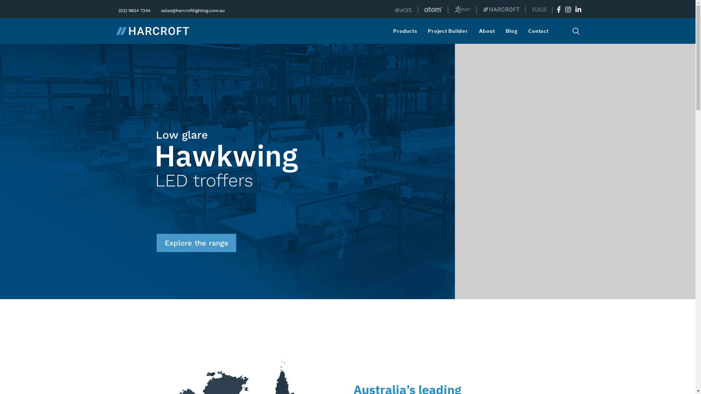  What do you see at coordinates (501, 9) in the screenshot?
I see `'Harcroft Lighting'` at bounding box center [501, 9].